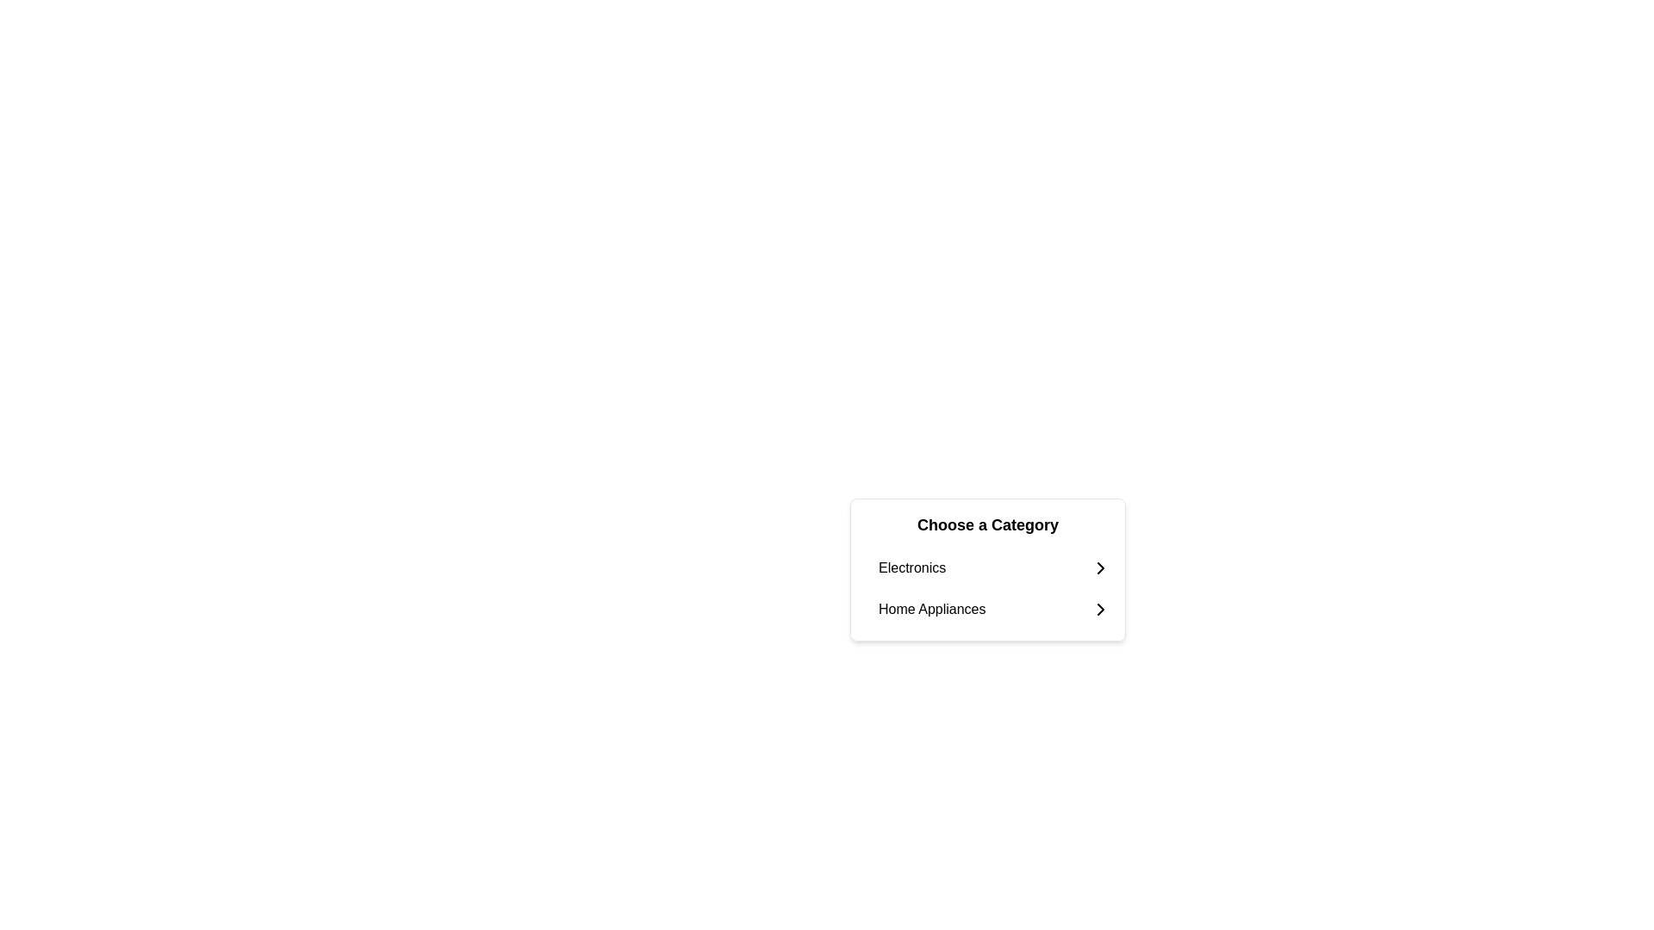 This screenshot has height=930, width=1654. Describe the element at coordinates (1099, 609) in the screenshot. I see `the chevron right icon, which is a black arrow styled with a simple stroke, located to the far right of the 'Home Appliances' text in the category selection interface` at that location.